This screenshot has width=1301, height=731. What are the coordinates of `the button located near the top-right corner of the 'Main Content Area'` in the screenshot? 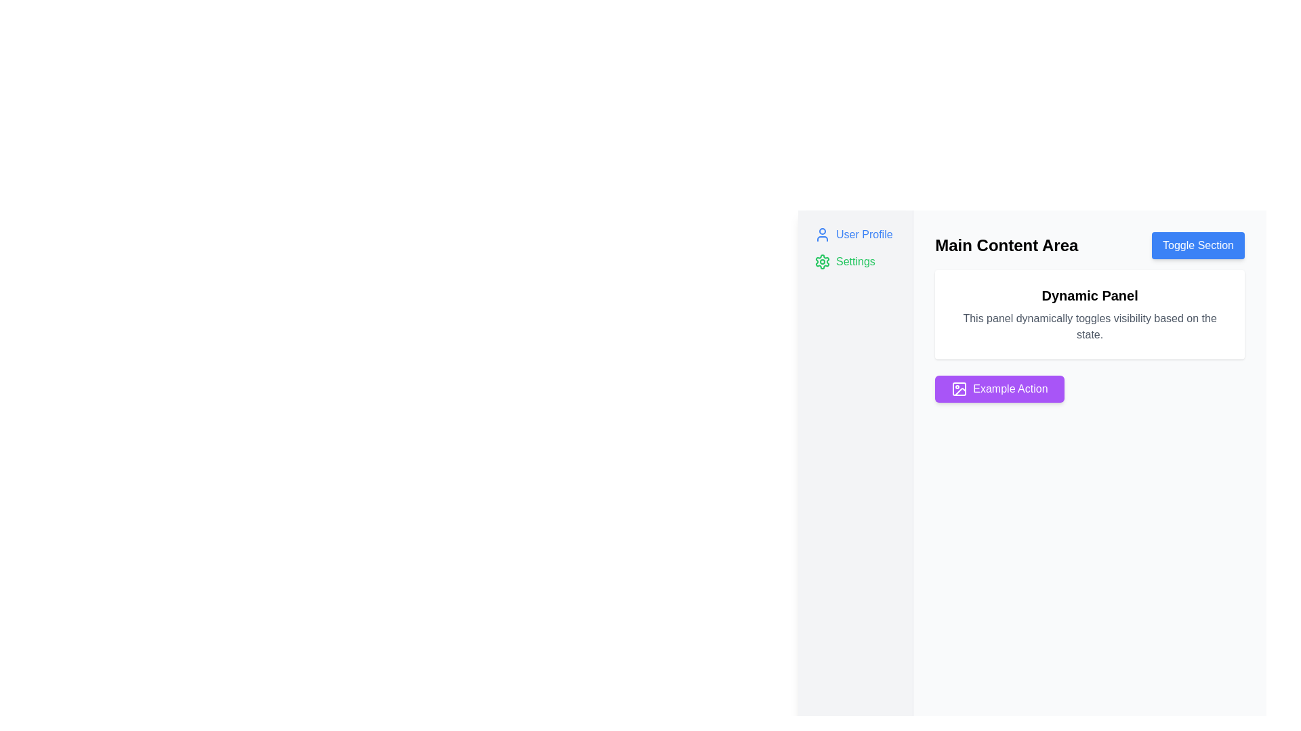 It's located at (1197, 245).